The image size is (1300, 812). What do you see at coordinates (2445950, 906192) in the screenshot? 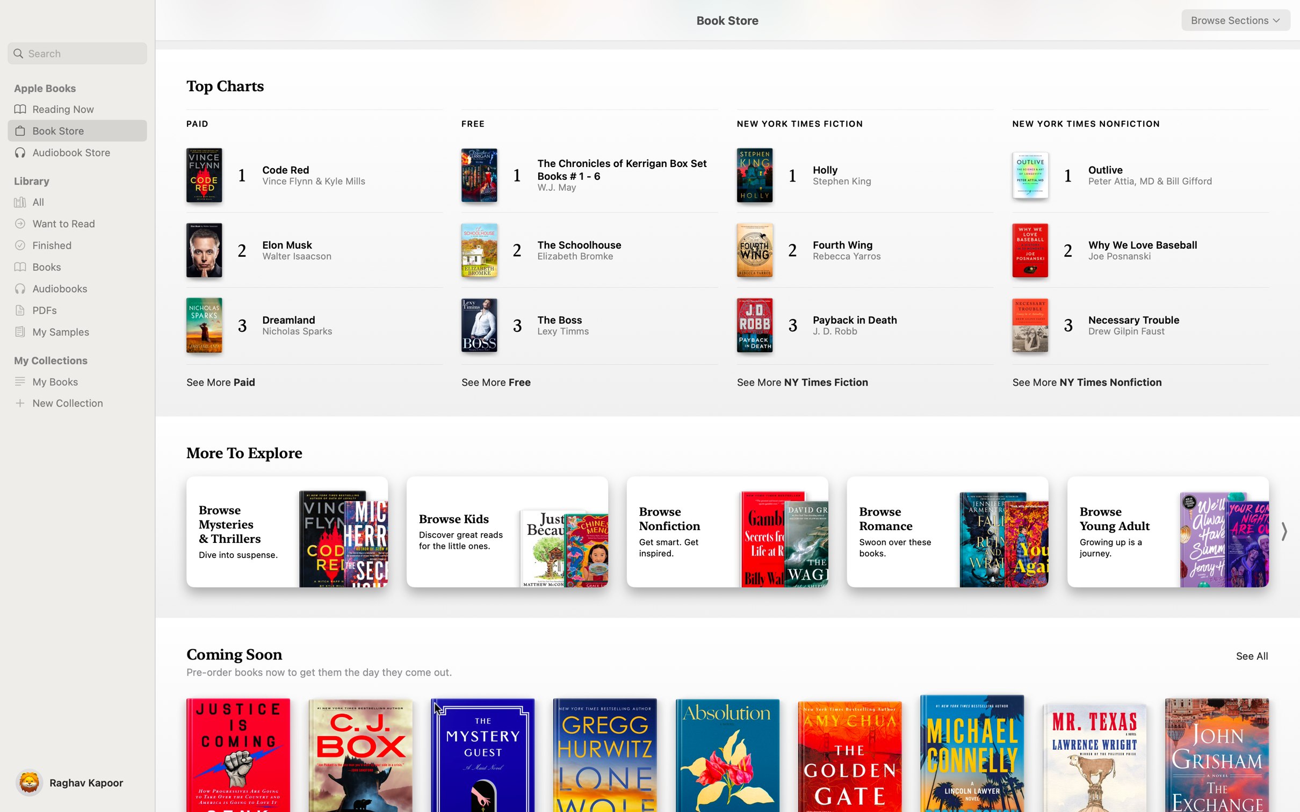
I see `see the upcoming titles` at bounding box center [2445950, 906192].